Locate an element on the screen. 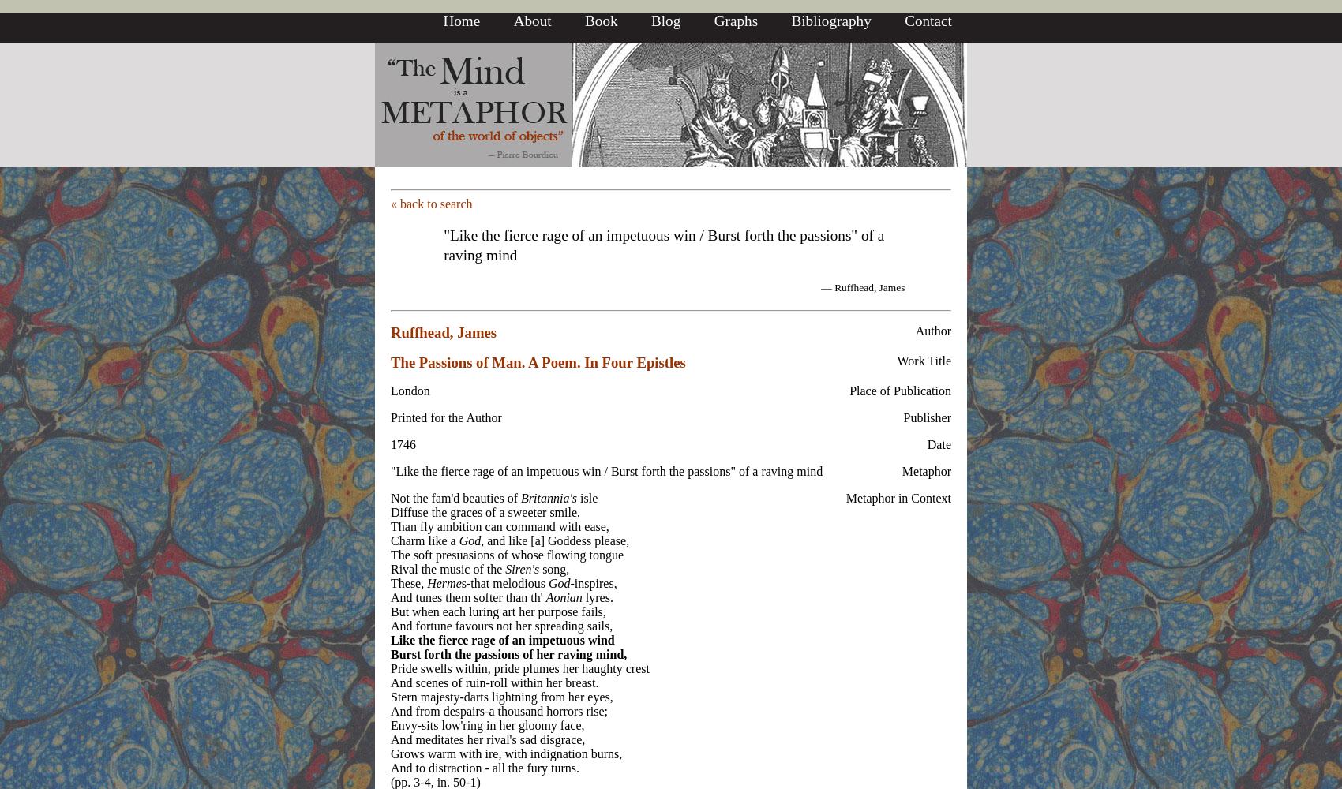 This screenshot has height=789, width=1342. 'Burst forth the passions of her raving mind,' is located at coordinates (508, 653).